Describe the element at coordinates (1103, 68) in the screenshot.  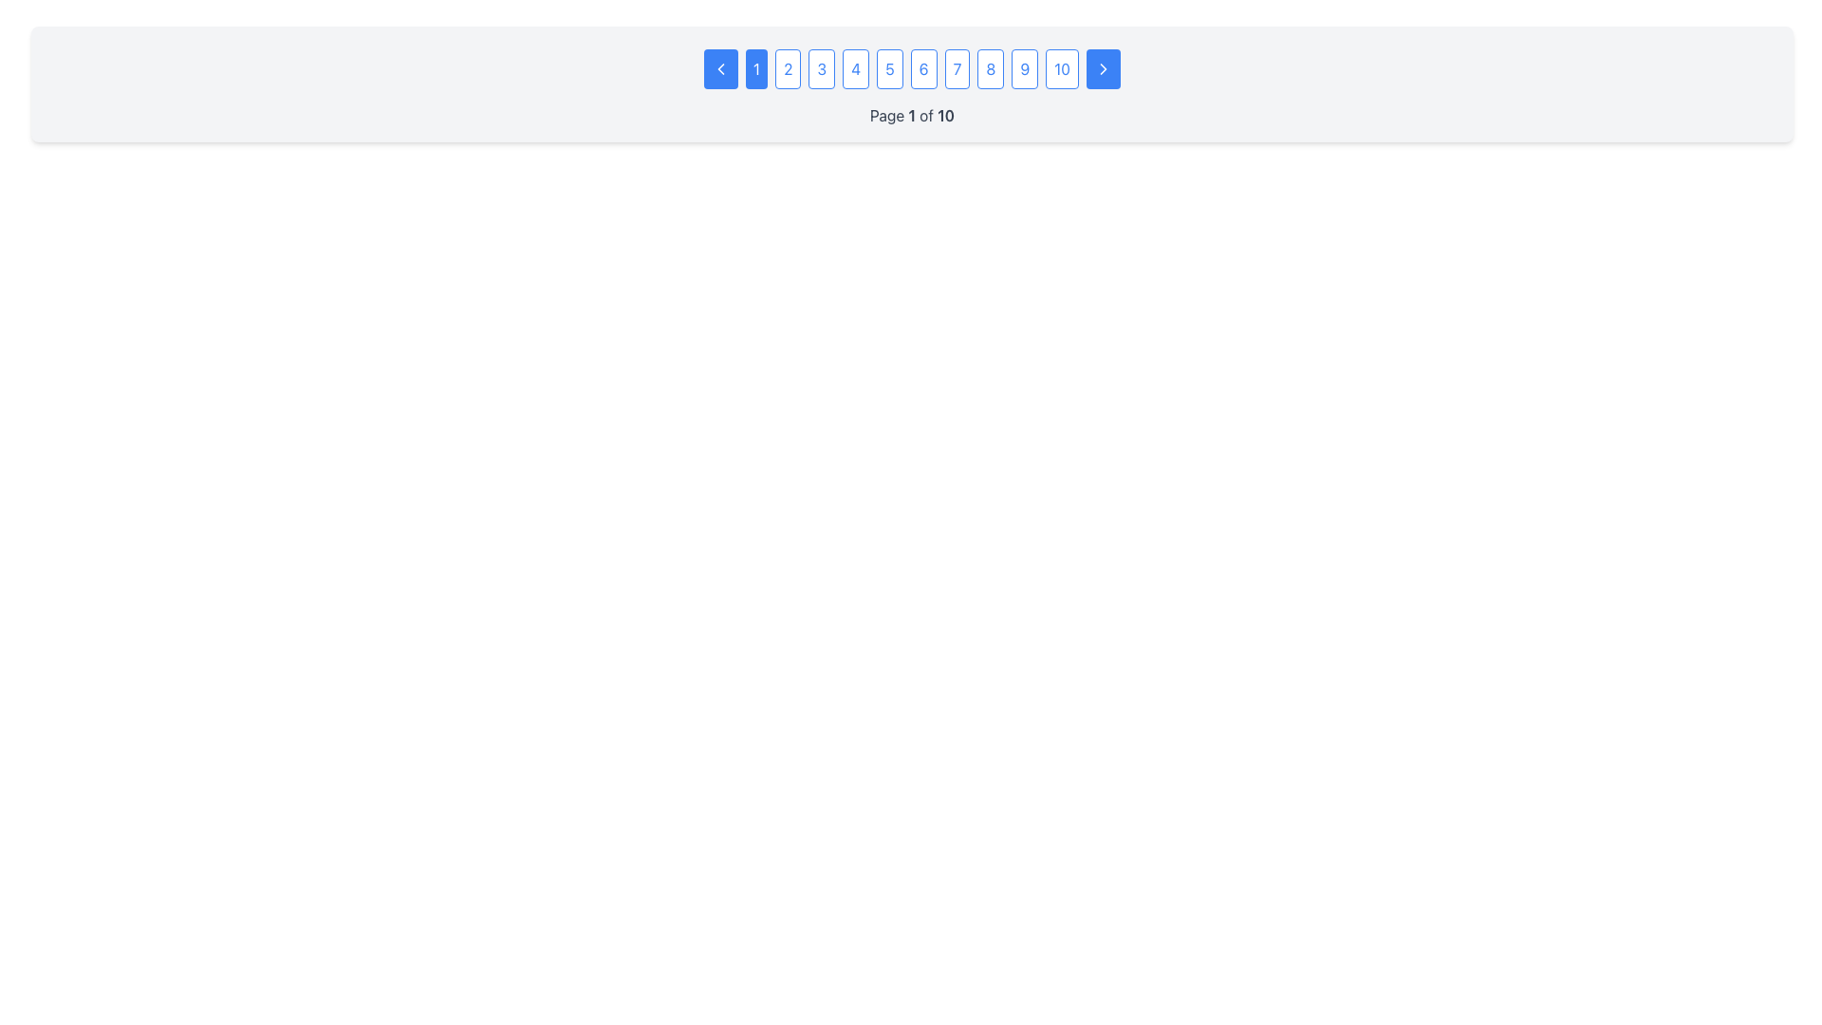
I see `the Chevron Right icon located at the center of the button in the pagination bar, which indicates navigation to the next page` at that location.